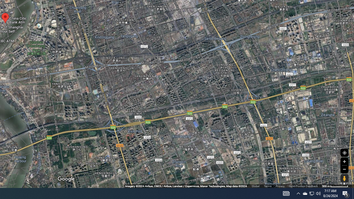 The height and width of the screenshot is (199, 354). What do you see at coordinates (344, 161) in the screenshot?
I see `'Zoom in'` at bounding box center [344, 161].